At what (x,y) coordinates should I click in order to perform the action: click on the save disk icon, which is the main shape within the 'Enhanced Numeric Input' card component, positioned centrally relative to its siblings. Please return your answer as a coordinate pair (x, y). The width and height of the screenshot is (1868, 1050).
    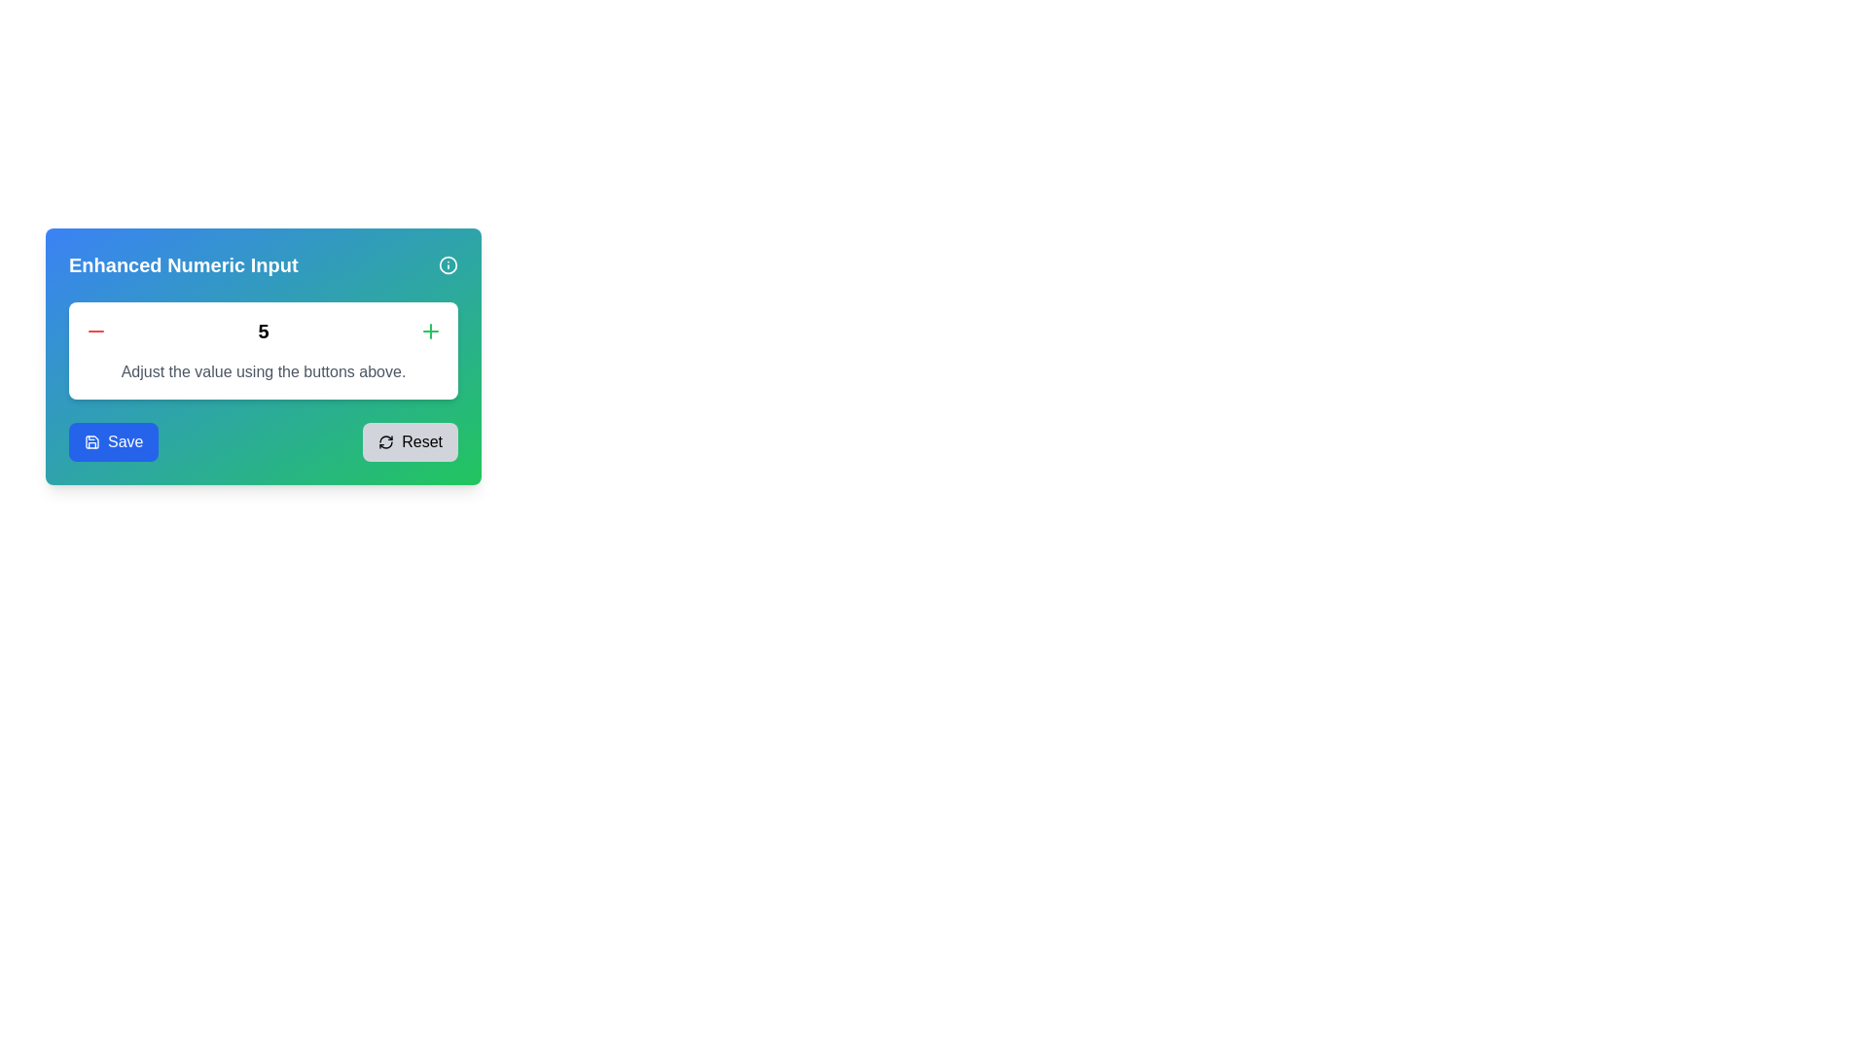
    Looking at the image, I should click on (91, 442).